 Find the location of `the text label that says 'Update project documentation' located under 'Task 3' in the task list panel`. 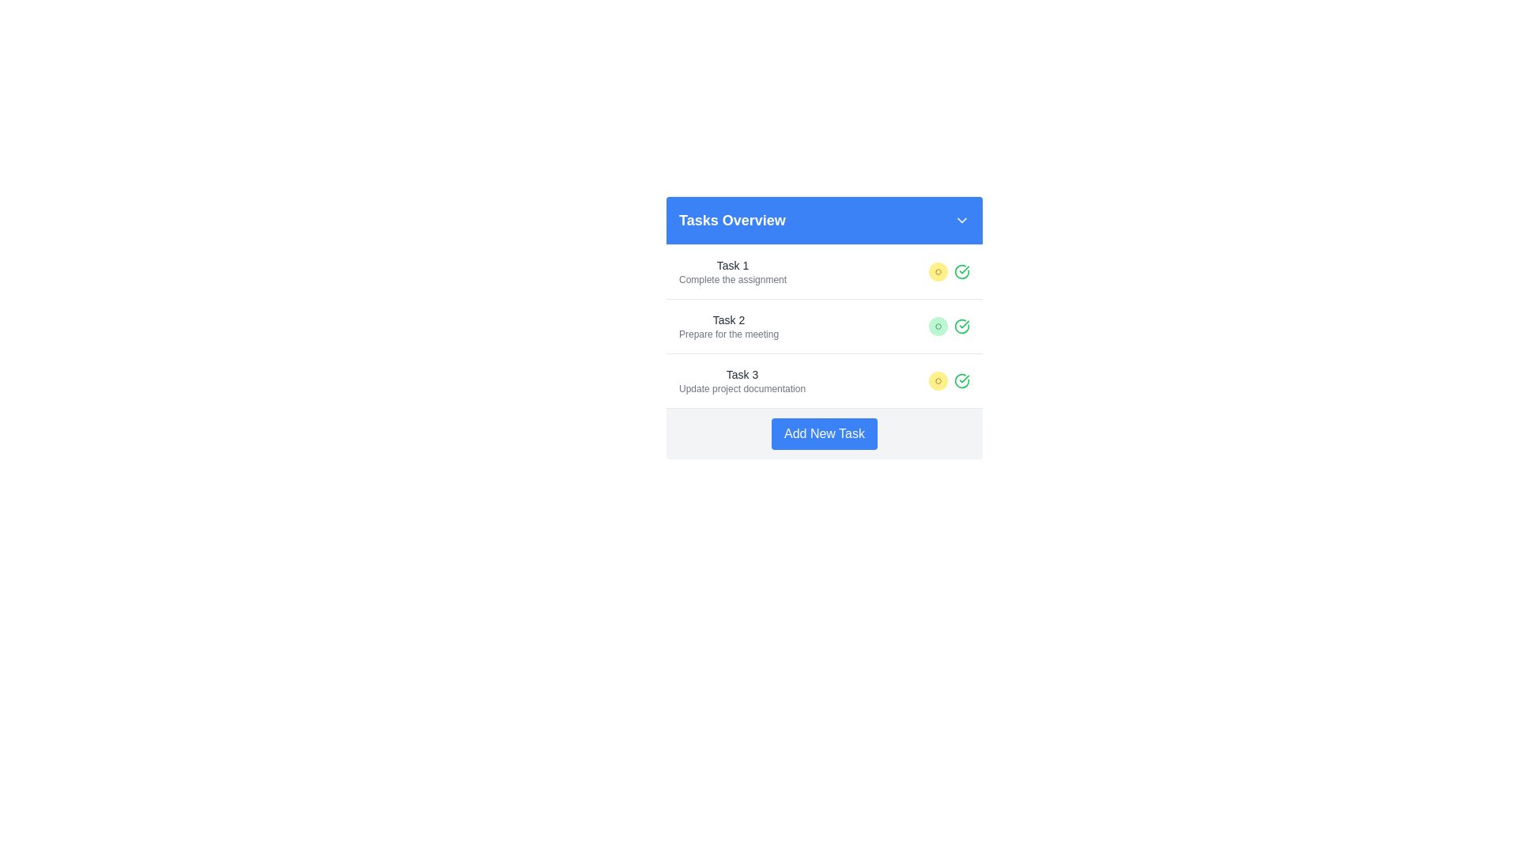

the text label that says 'Update project documentation' located under 'Task 3' in the task list panel is located at coordinates (742, 389).